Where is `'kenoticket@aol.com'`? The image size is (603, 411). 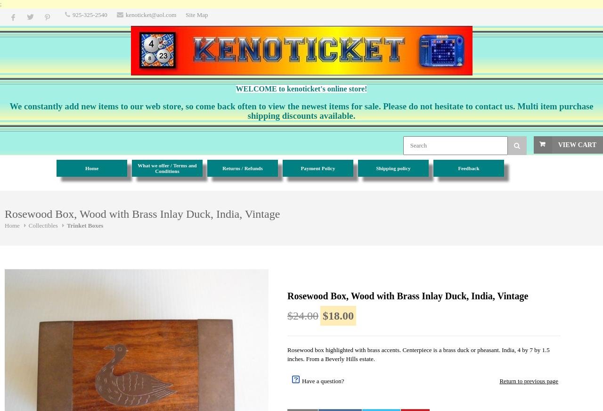 'kenoticket@aol.com' is located at coordinates (151, 14).